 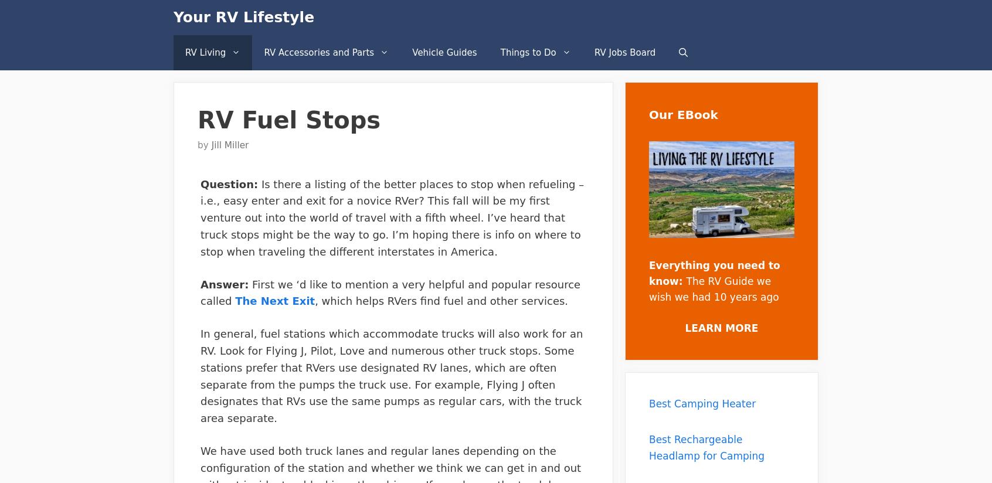 I want to click on 'Is there a listing of the better places to stop when refueling – i.e., easy enter and exit for a novice RVer? This fall will be my first venture out into the world of travel with a fifth wheel. I’ve heard that truck stops might be the way to go. I’m hoping there is info on where to stop when traveling the different interstates in America.', so click(x=392, y=216).